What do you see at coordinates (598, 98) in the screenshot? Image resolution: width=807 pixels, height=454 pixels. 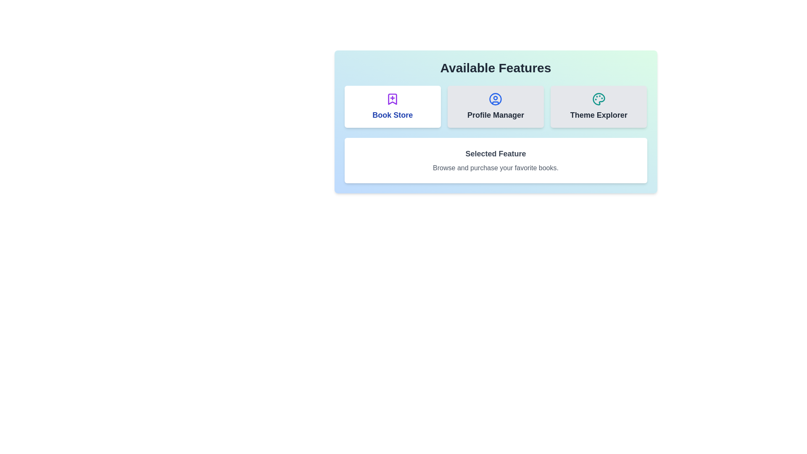 I see `the teal palette-shaped icon with circular holes located at the rightmost position in the 'Theme Explorer' card` at bounding box center [598, 98].